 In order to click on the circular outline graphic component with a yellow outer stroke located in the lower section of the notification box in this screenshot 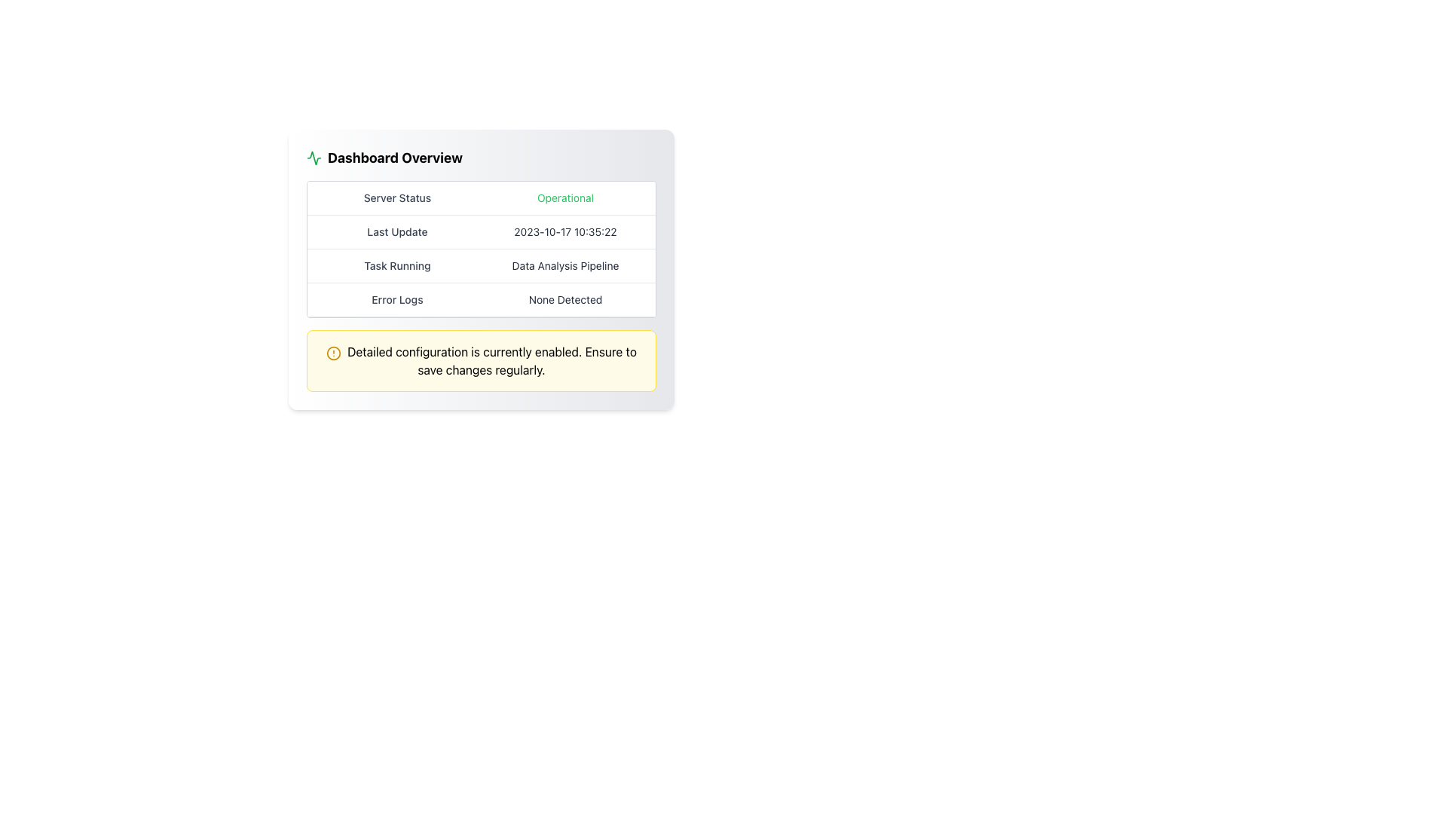, I will do `click(332, 353)`.